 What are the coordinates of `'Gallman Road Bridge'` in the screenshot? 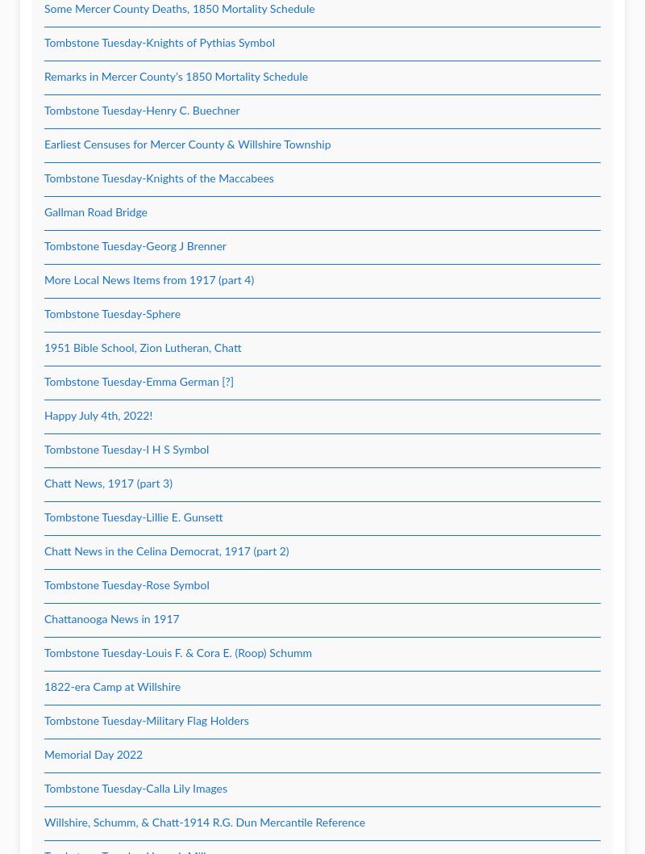 It's located at (44, 212).